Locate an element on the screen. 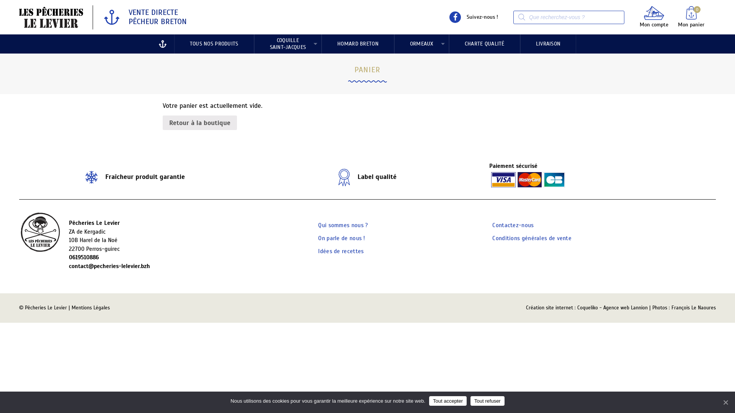  'Mon compte' is located at coordinates (653, 17).